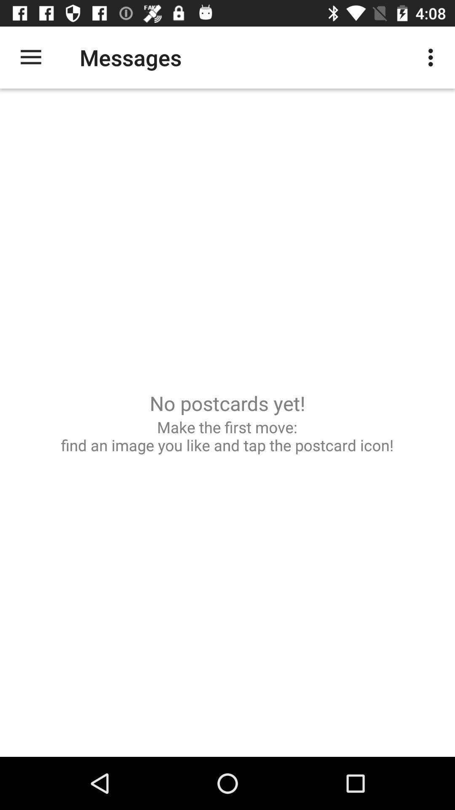 This screenshot has height=810, width=455. Describe the element at coordinates (30, 57) in the screenshot. I see `icon above make the first icon` at that location.